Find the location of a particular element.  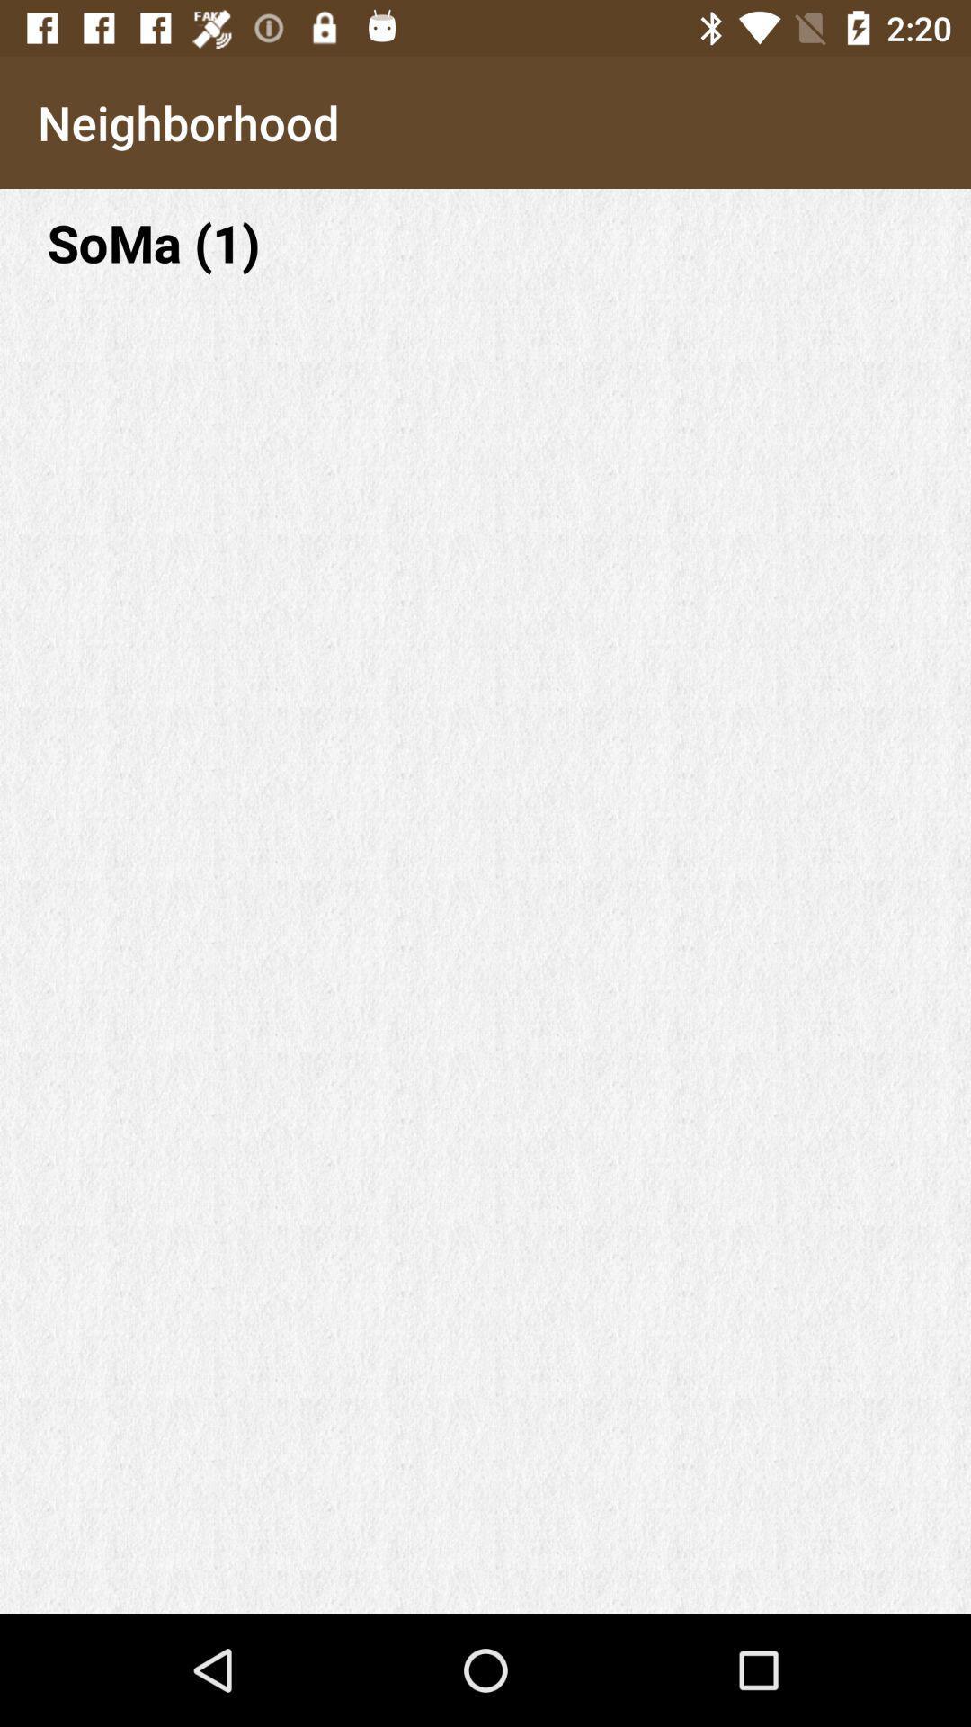

the app below neighborhood icon is located at coordinates (485, 241).